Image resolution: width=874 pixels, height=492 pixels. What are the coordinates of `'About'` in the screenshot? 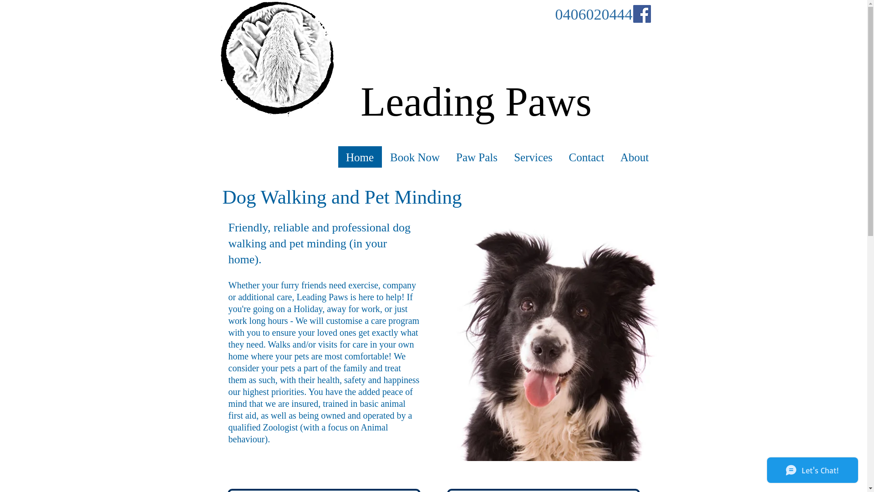 It's located at (633, 157).